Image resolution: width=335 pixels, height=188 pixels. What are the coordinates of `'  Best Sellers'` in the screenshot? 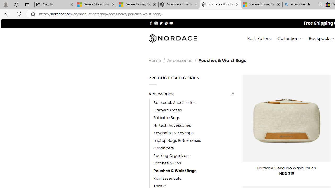 It's located at (259, 38).